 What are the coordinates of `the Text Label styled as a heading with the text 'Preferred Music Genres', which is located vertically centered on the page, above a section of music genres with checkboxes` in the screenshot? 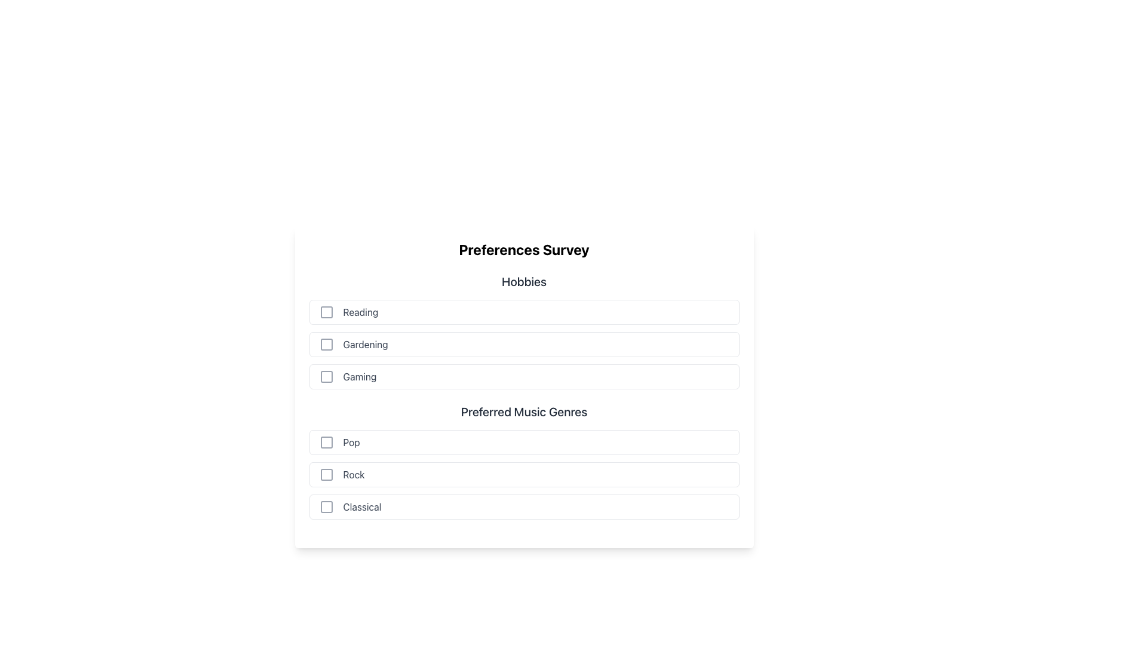 It's located at (524, 411).